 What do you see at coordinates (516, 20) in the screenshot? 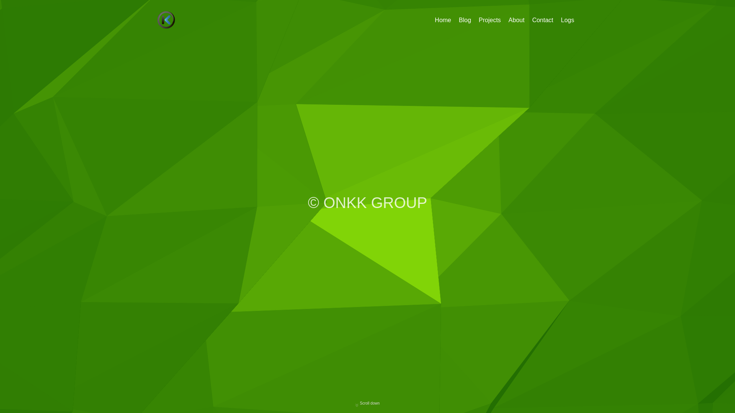
I see `'About'` at bounding box center [516, 20].